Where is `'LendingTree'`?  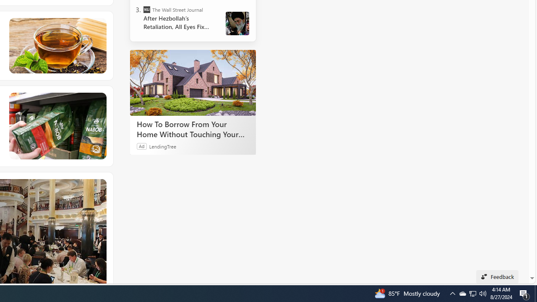 'LendingTree' is located at coordinates (162, 146).